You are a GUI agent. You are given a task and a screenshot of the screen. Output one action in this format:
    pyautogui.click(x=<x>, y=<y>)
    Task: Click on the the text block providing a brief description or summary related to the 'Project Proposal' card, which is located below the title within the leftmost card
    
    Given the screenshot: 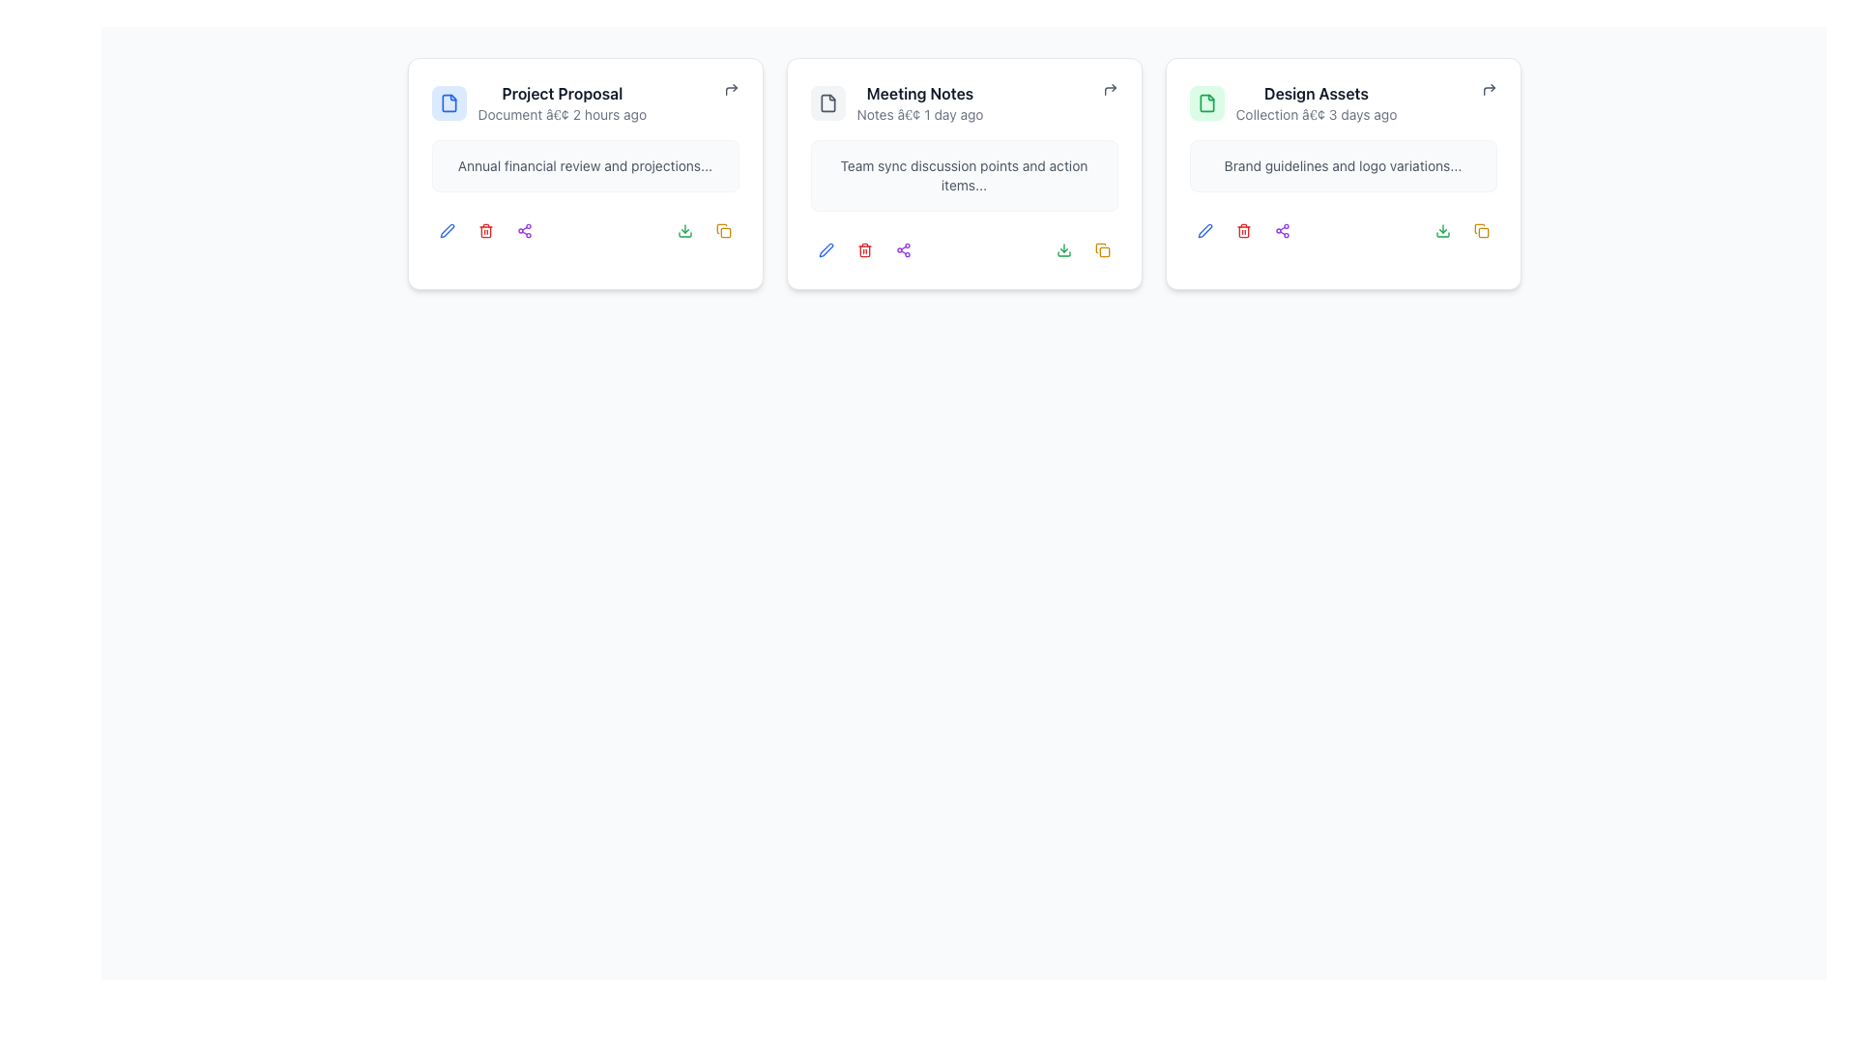 What is the action you would take?
    pyautogui.click(x=584, y=165)
    